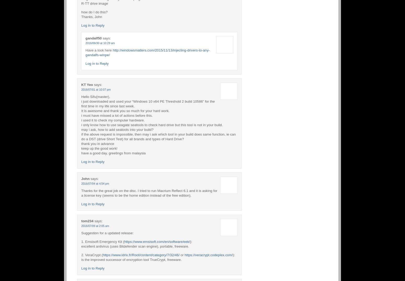  Describe the element at coordinates (96, 89) in the screenshot. I see `'2016/07/01 at 10:07 pm'` at that location.